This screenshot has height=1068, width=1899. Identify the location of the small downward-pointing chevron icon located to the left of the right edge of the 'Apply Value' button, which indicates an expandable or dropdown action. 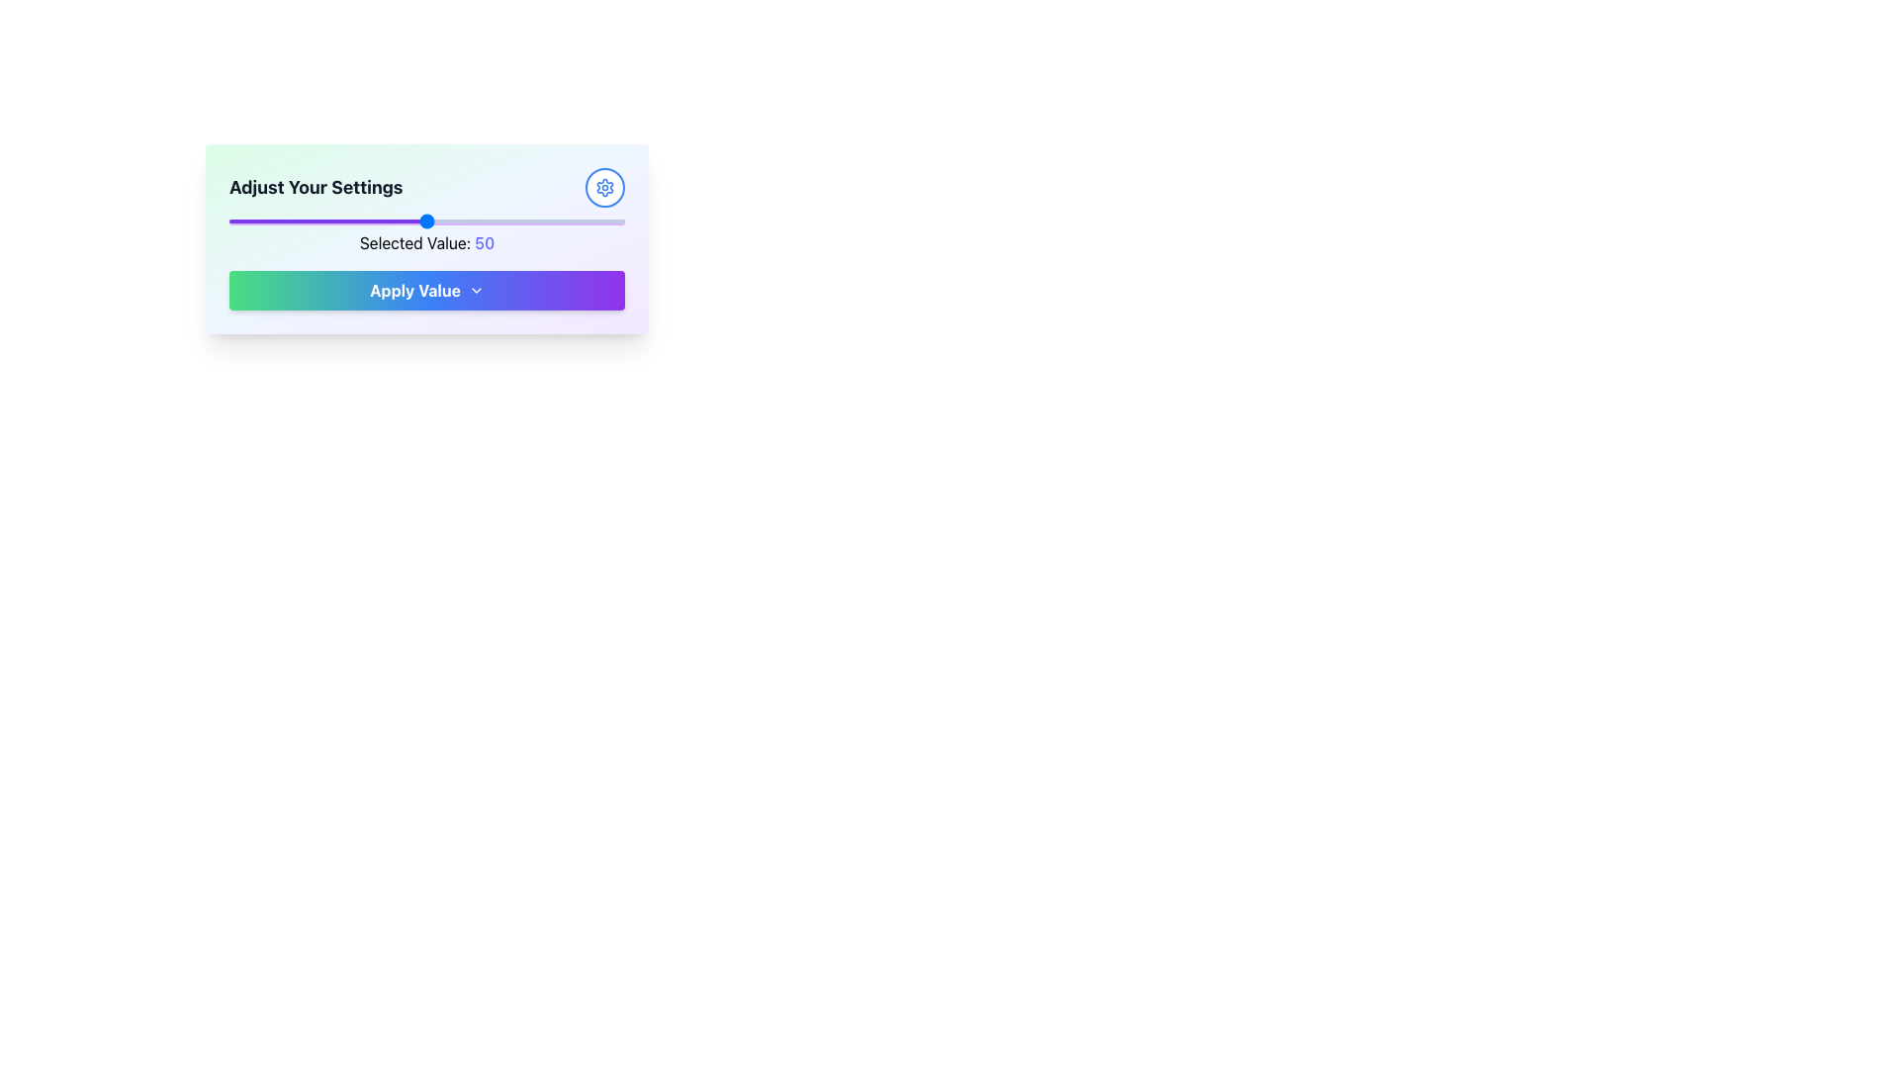
(476, 290).